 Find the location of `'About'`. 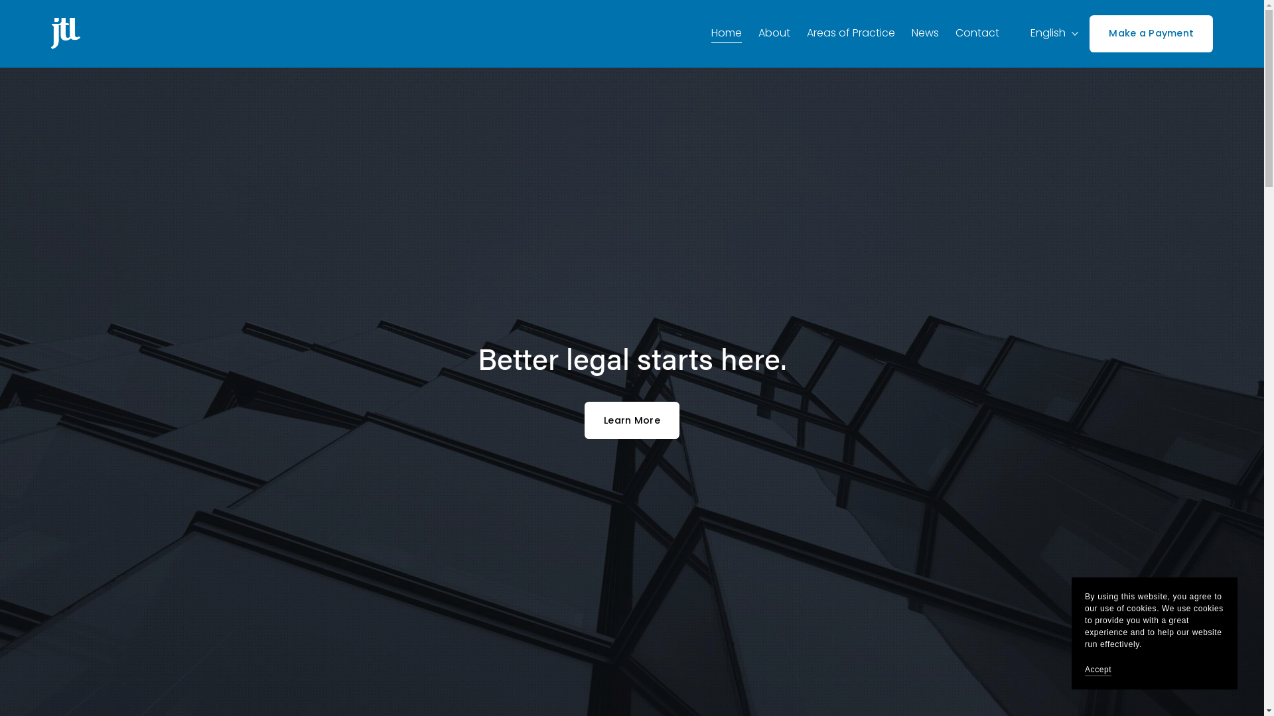

'About' is located at coordinates (774, 32).